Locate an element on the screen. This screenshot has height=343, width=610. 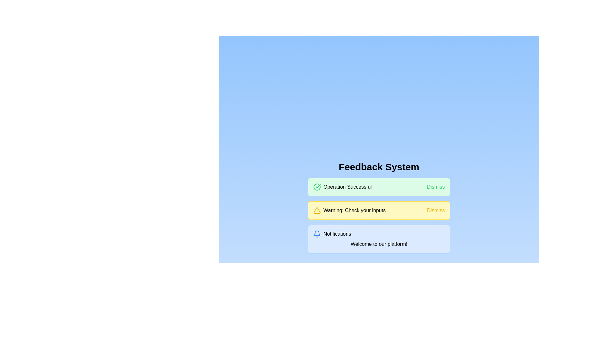
the Static Text Element that displays 'Operation Successful' in bold on a light green background, positioned within the first notification box below 'Feedback System' is located at coordinates (347, 187).